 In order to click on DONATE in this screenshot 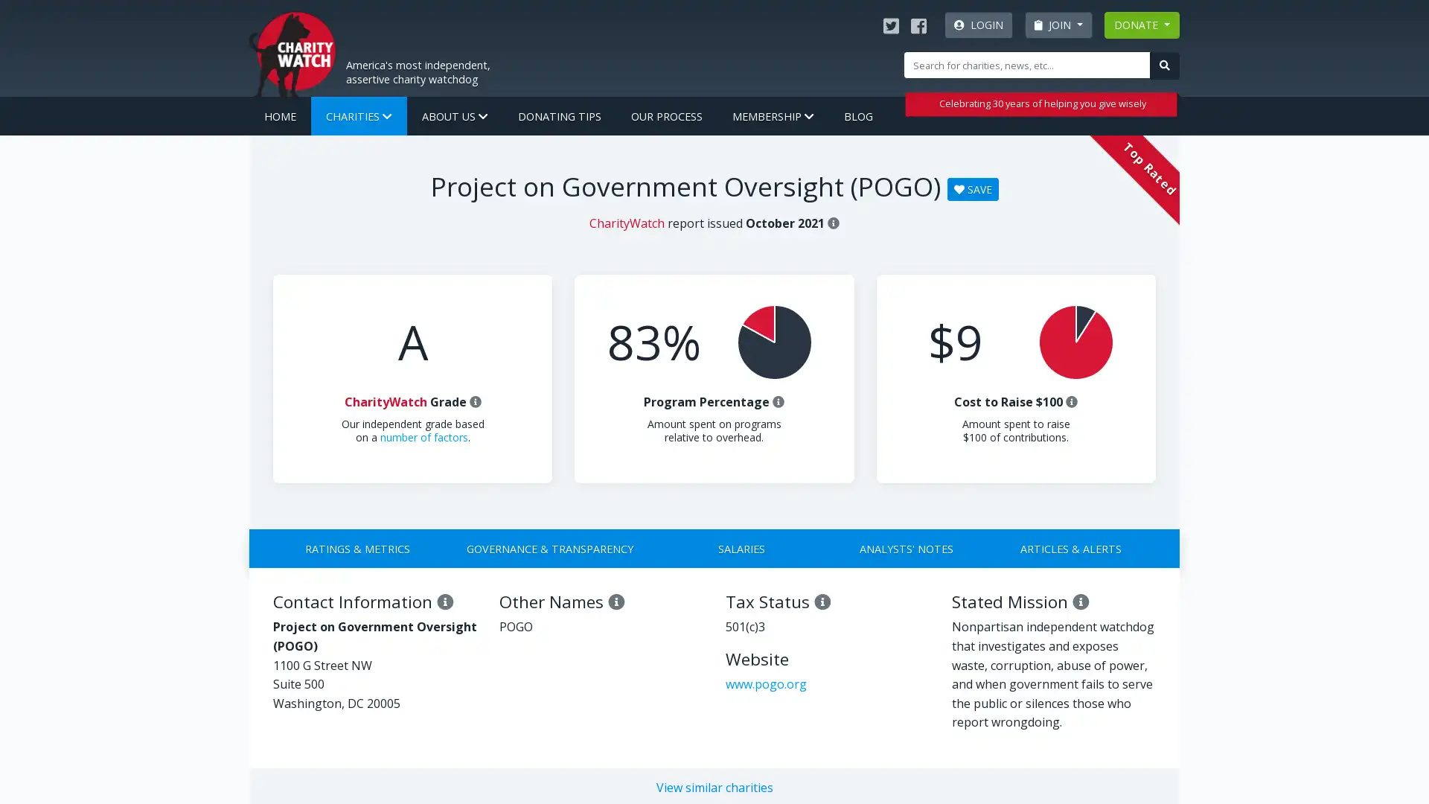, I will do `click(1141, 25)`.